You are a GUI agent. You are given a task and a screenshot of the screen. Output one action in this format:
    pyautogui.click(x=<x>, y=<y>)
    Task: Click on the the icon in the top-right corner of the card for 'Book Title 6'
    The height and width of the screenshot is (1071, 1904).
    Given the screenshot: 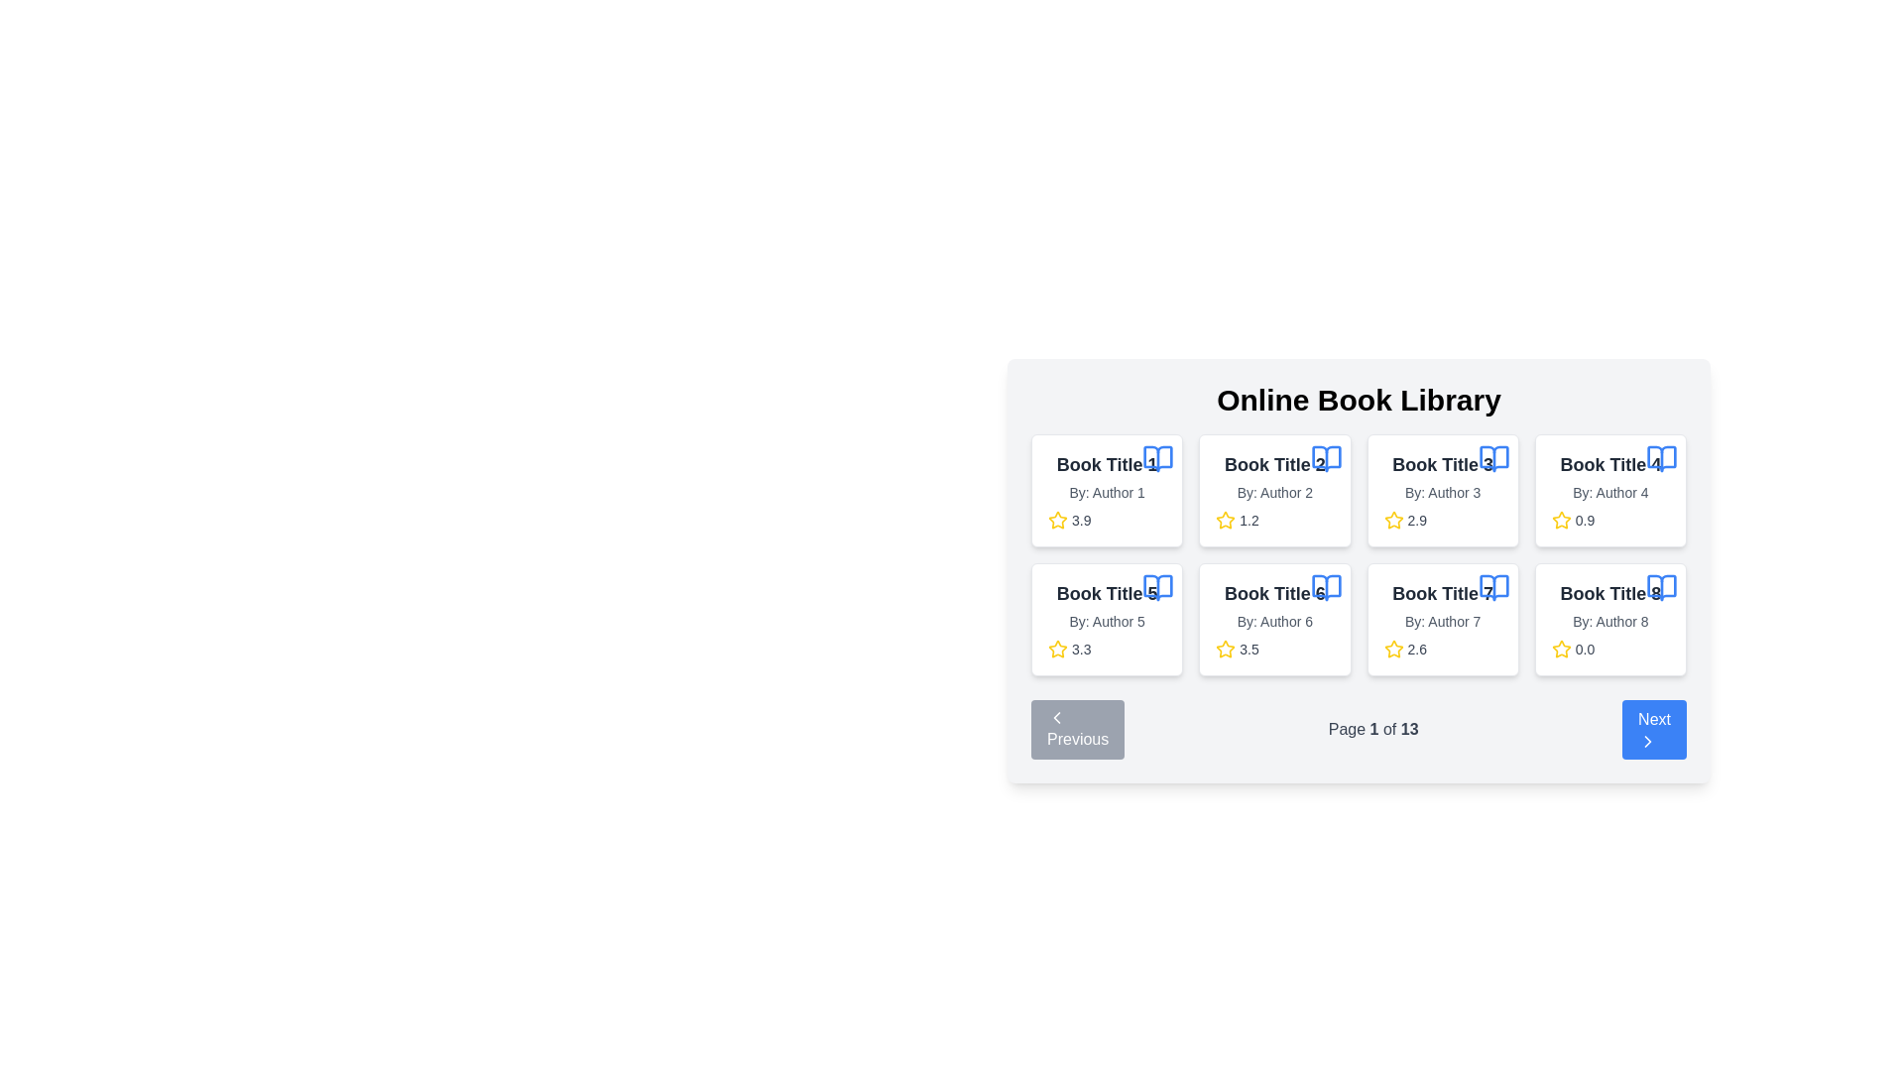 What is the action you would take?
    pyautogui.click(x=1326, y=587)
    